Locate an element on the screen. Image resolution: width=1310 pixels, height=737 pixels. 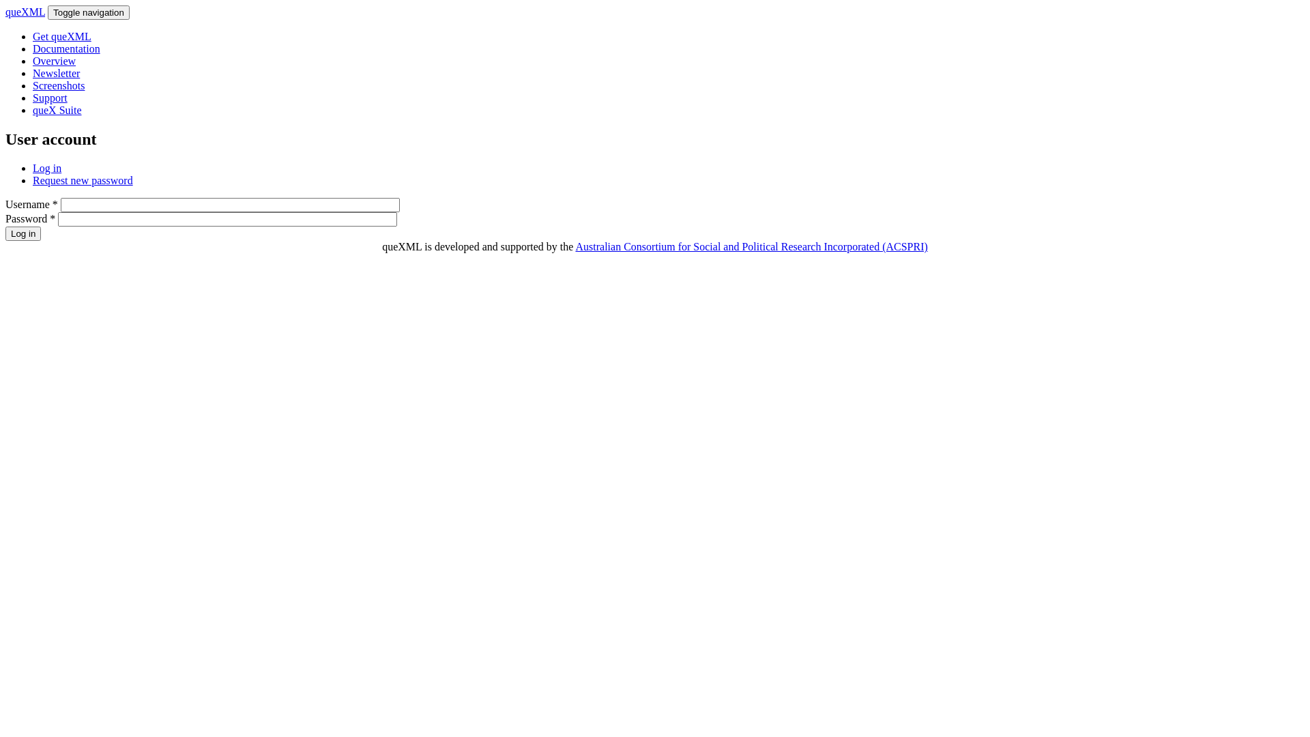
'Skip to main content' is located at coordinates (5, 5).